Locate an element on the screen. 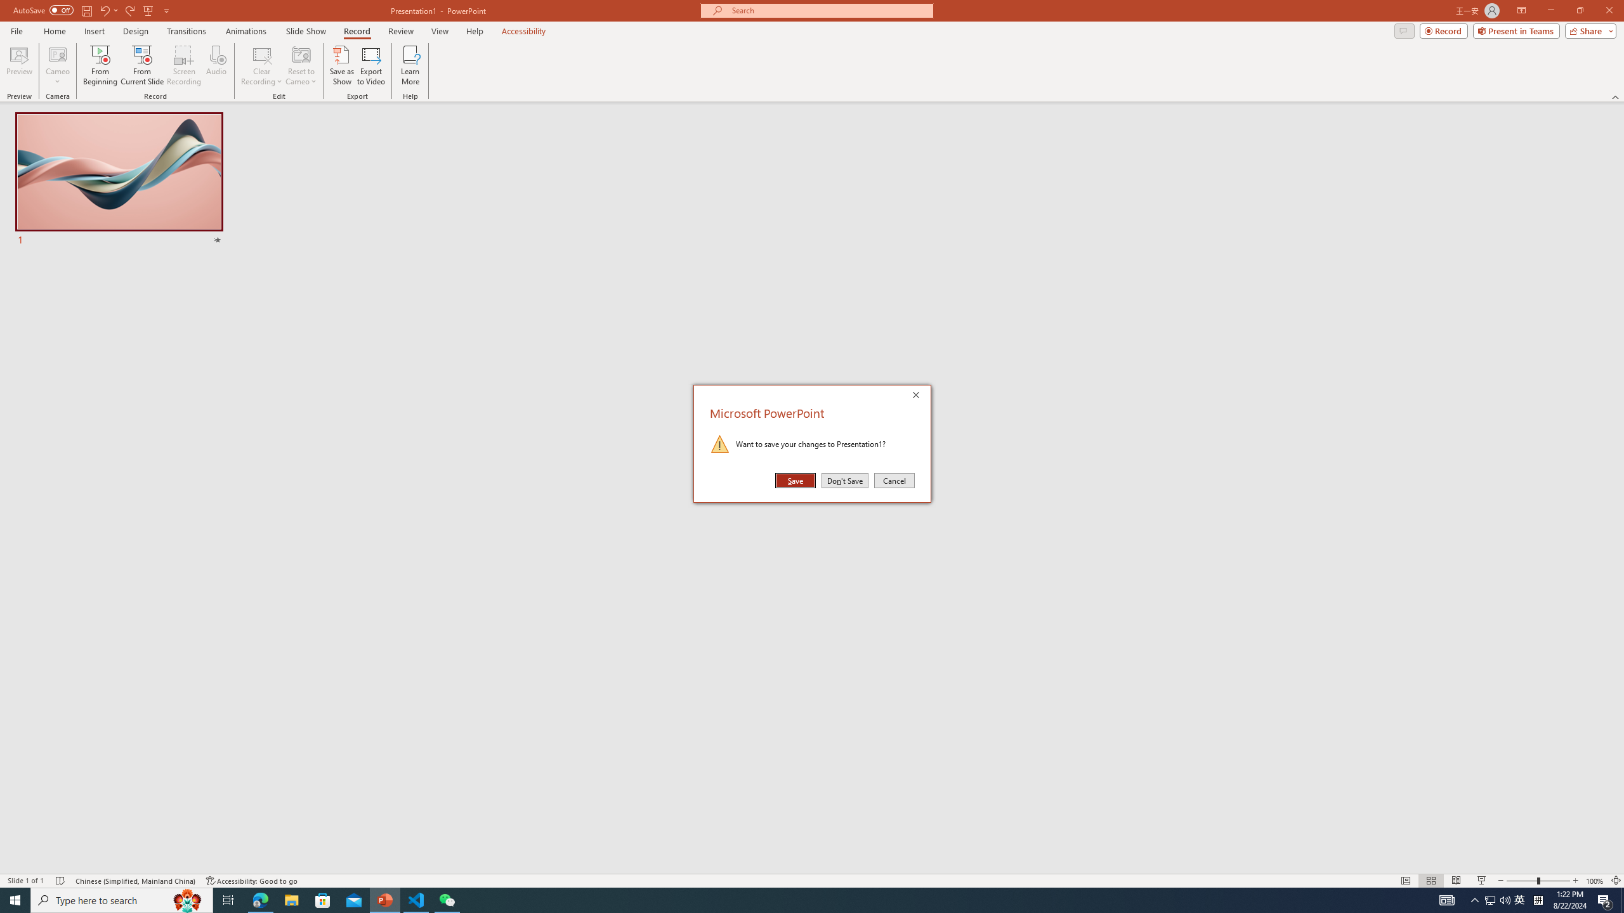  'Don' is located at coordinates (845, 481).